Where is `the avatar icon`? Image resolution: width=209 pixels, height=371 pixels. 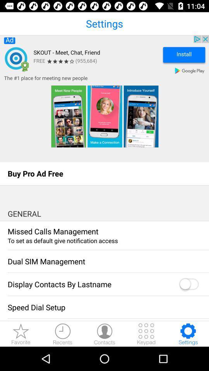 the avatar icon is located at coordinates (104, 334).